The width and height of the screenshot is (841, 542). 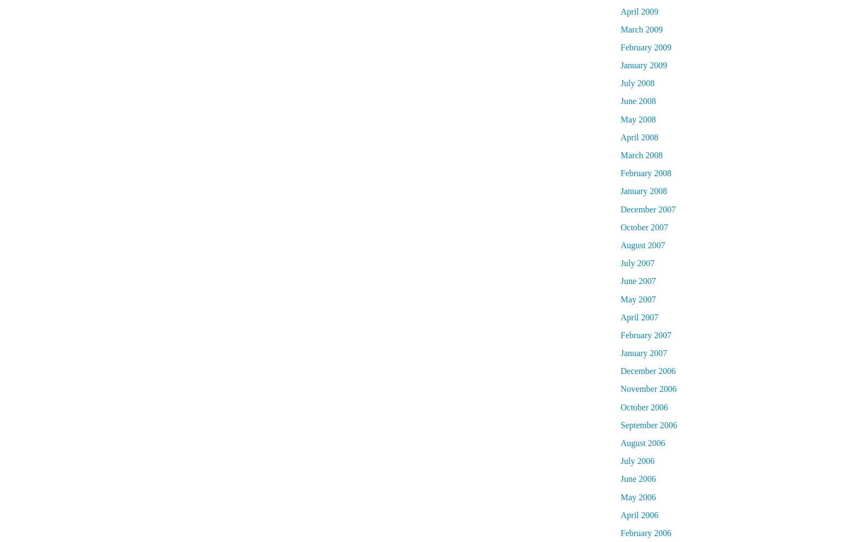 I want to click on 'December 2006', so click(x=619, y=371).